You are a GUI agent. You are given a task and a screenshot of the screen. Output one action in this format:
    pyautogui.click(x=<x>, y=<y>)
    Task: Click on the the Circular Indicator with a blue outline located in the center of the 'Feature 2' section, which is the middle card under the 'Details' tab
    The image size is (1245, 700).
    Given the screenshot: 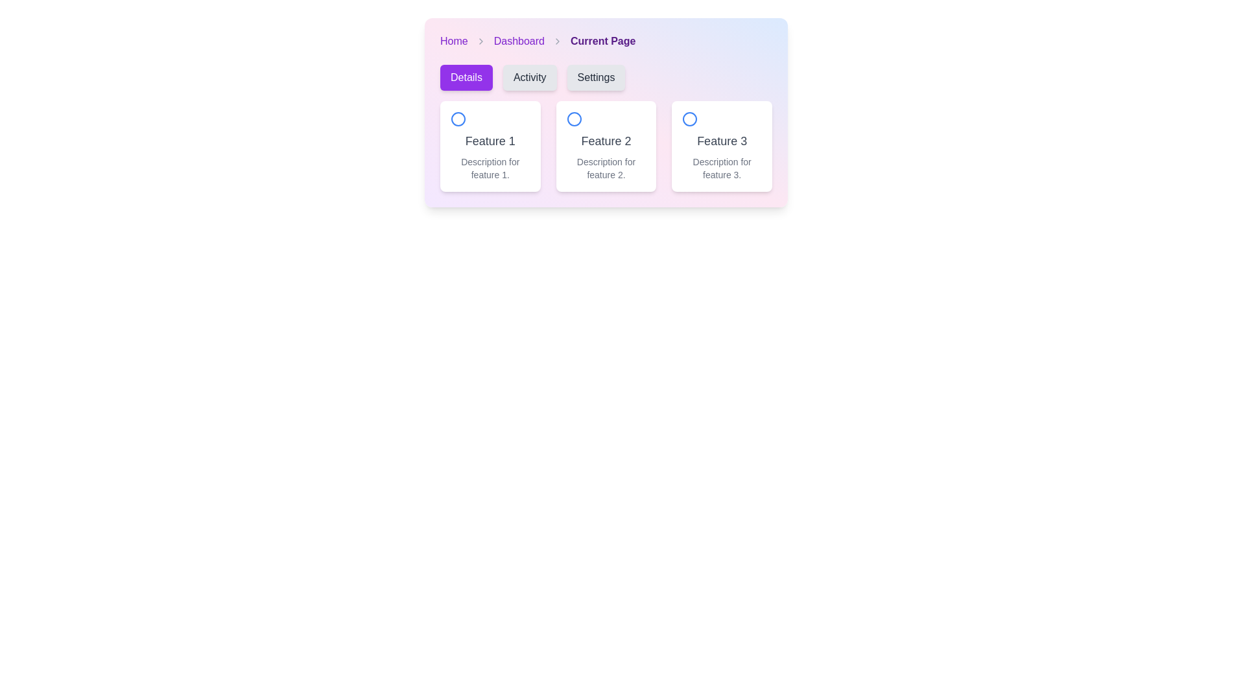 What is the action you would take?
    pyautogui.click(x=573, y=119)
    